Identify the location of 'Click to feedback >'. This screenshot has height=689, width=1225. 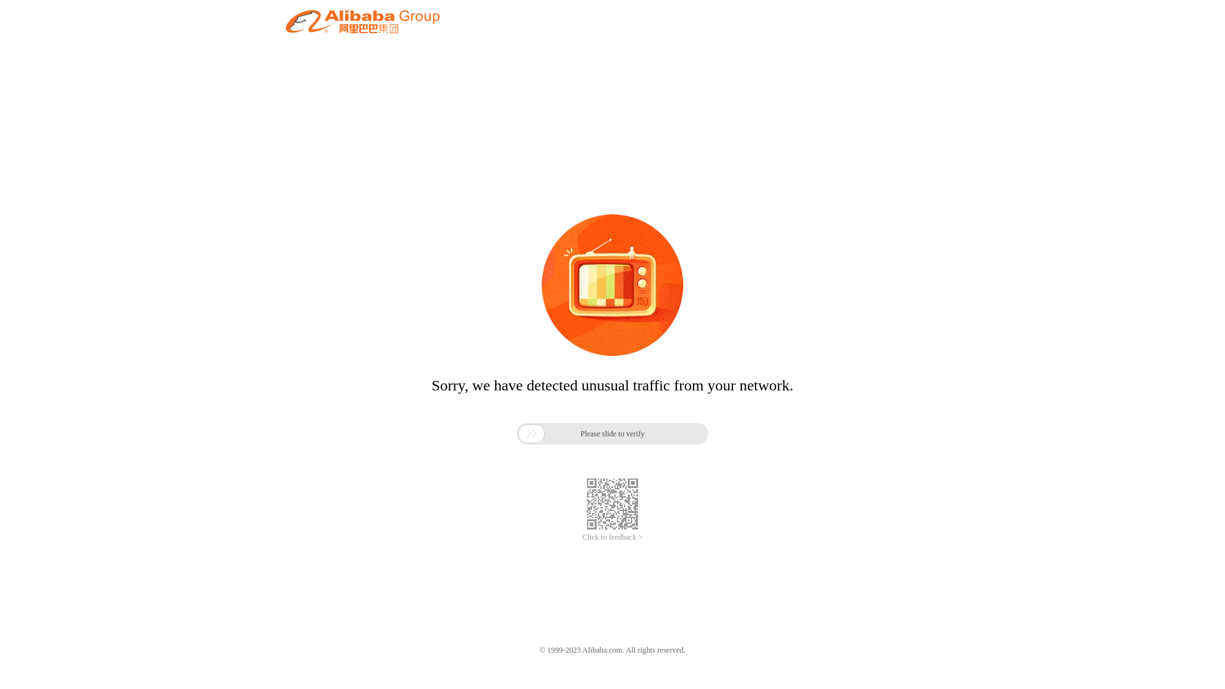
(581, 537).